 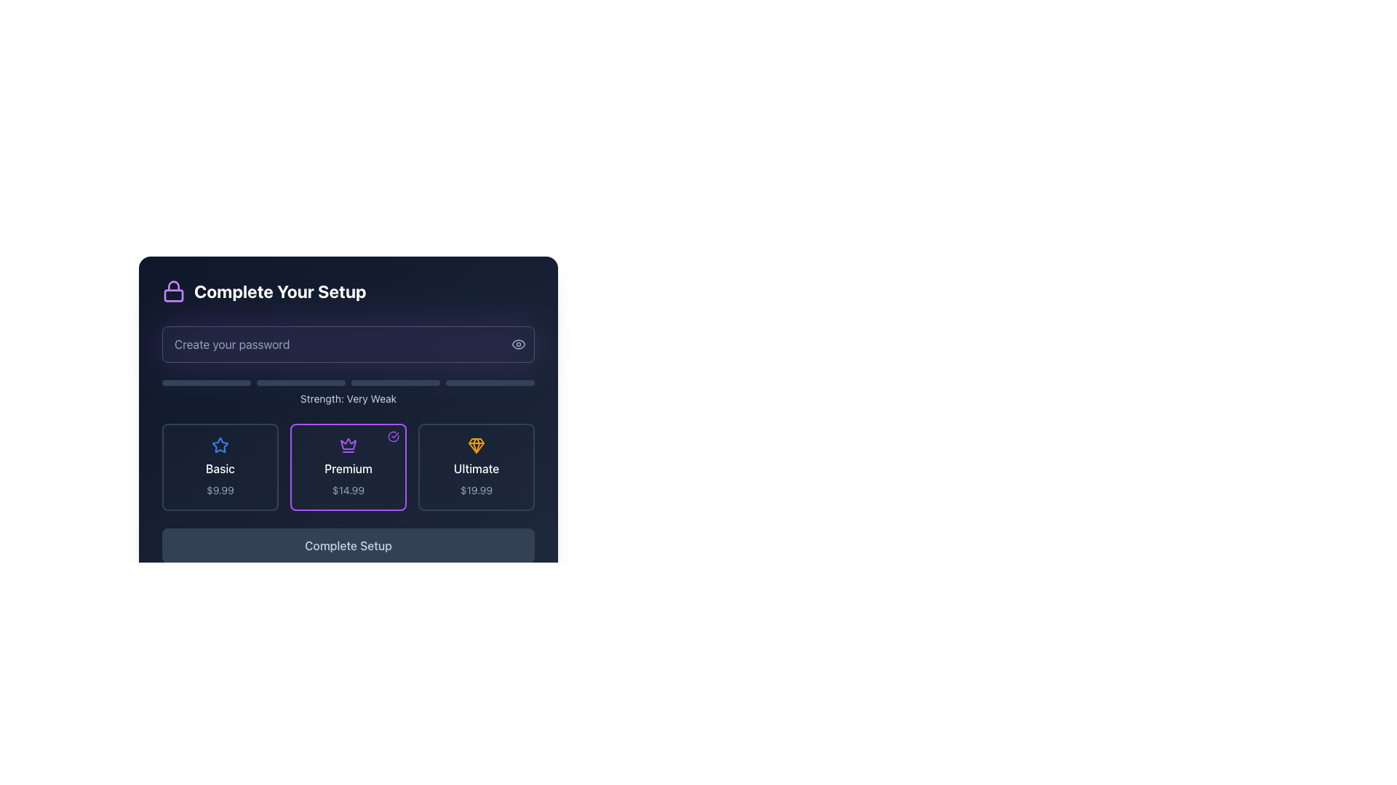 I want to click on the text label identifying the 'Basic $9.99' subscription plan, which is the first in a horizontal list and located beneath a star icon, so click(x=219, y=468).